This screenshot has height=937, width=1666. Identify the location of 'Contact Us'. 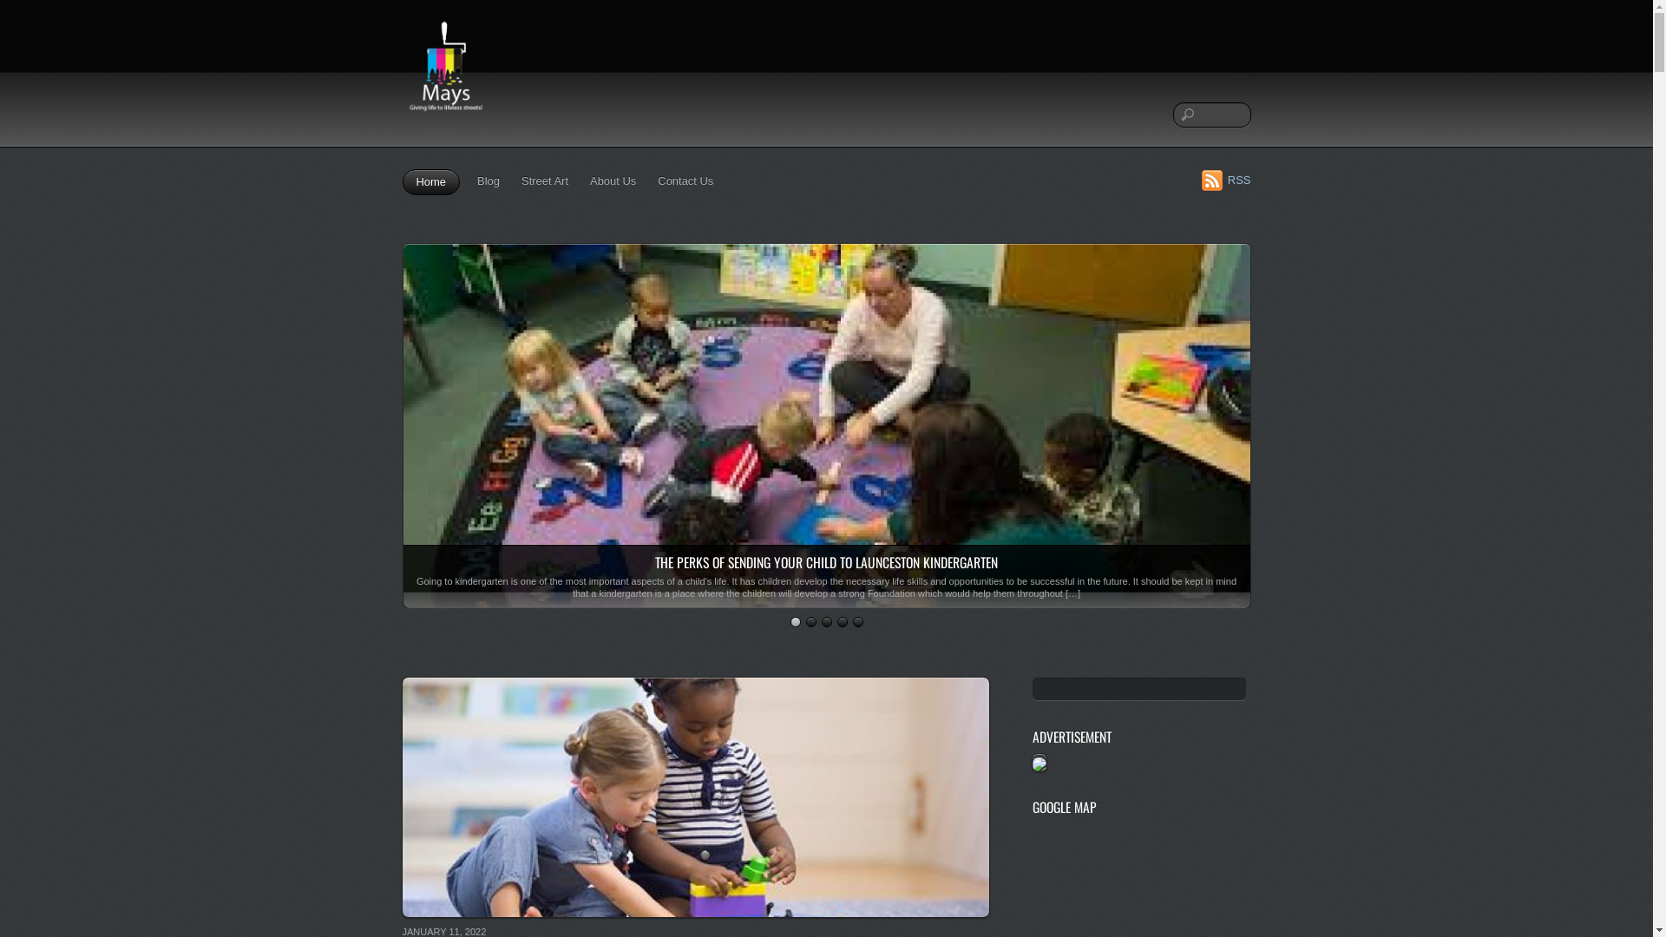
(685, 180).